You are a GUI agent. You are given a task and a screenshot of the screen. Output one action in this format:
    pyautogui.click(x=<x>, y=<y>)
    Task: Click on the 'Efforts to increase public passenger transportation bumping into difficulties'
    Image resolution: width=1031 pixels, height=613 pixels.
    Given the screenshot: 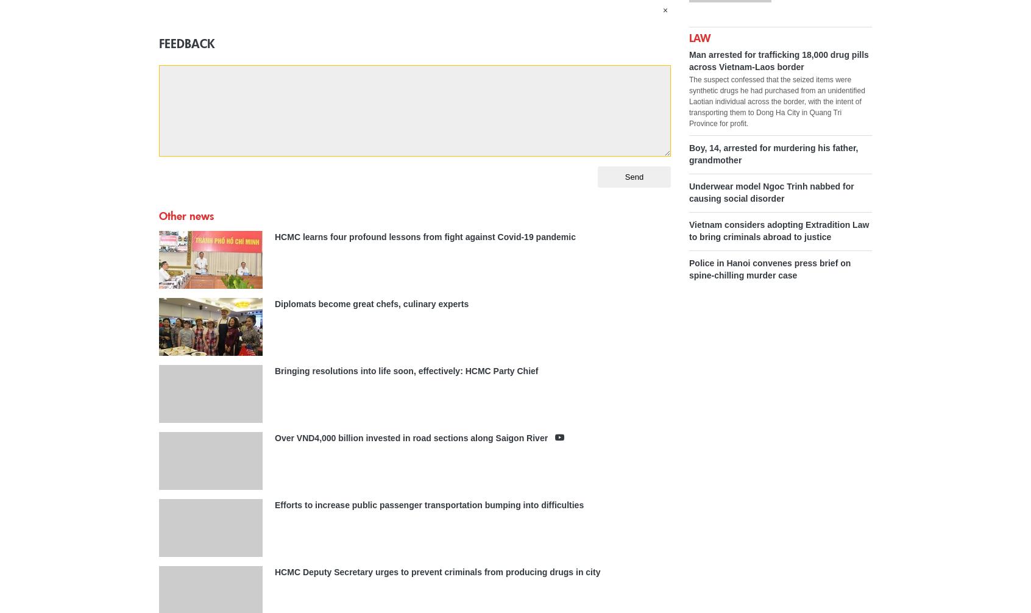 What is the action you would take?
    pyautogui.click(x=274, y=504)
    